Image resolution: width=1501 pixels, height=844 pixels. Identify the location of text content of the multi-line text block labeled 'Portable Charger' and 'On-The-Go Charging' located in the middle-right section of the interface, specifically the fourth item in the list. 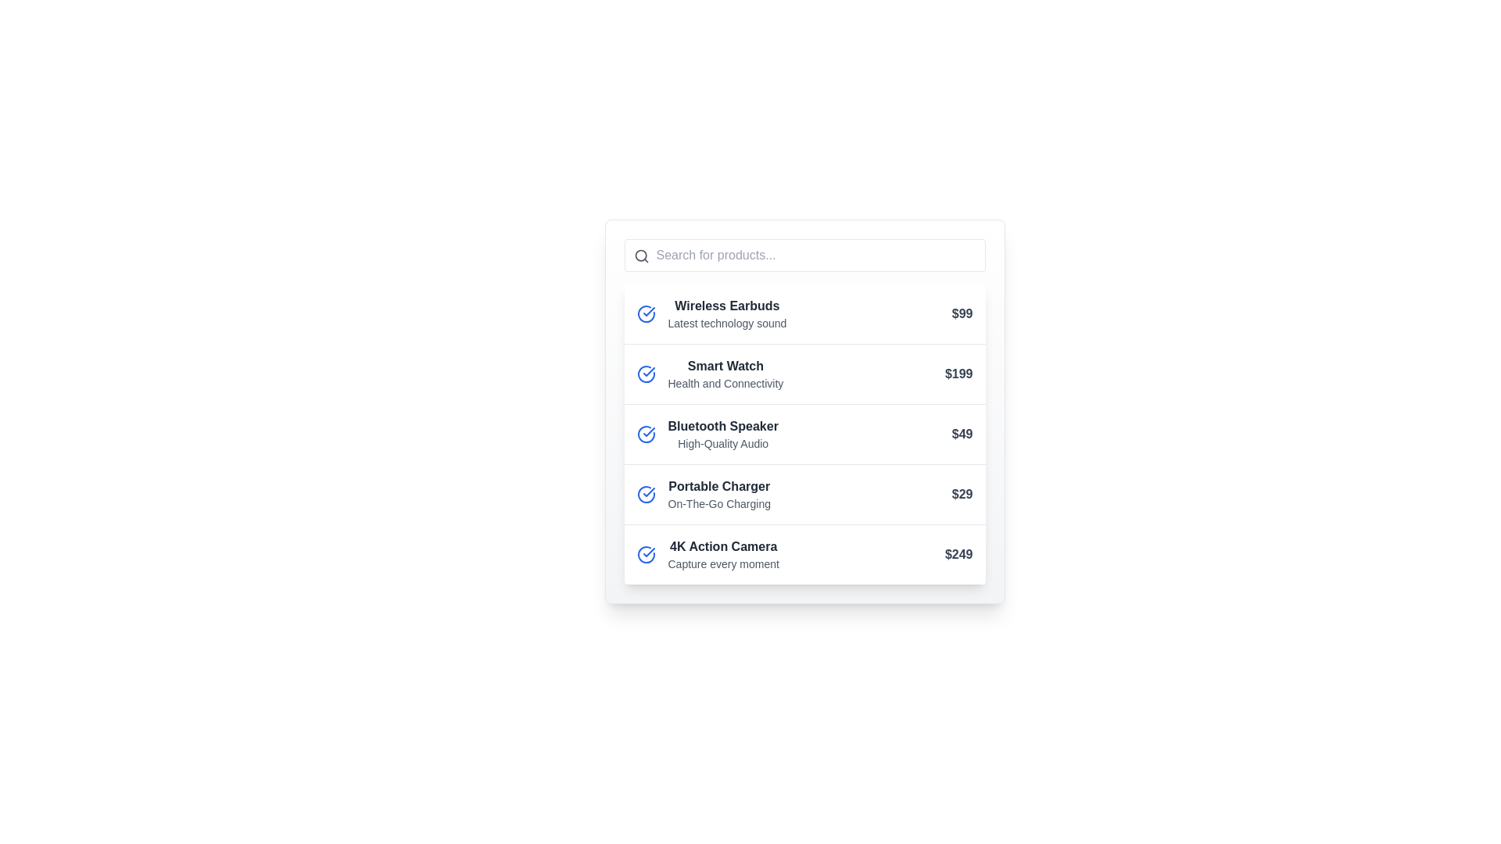
(718, 494).